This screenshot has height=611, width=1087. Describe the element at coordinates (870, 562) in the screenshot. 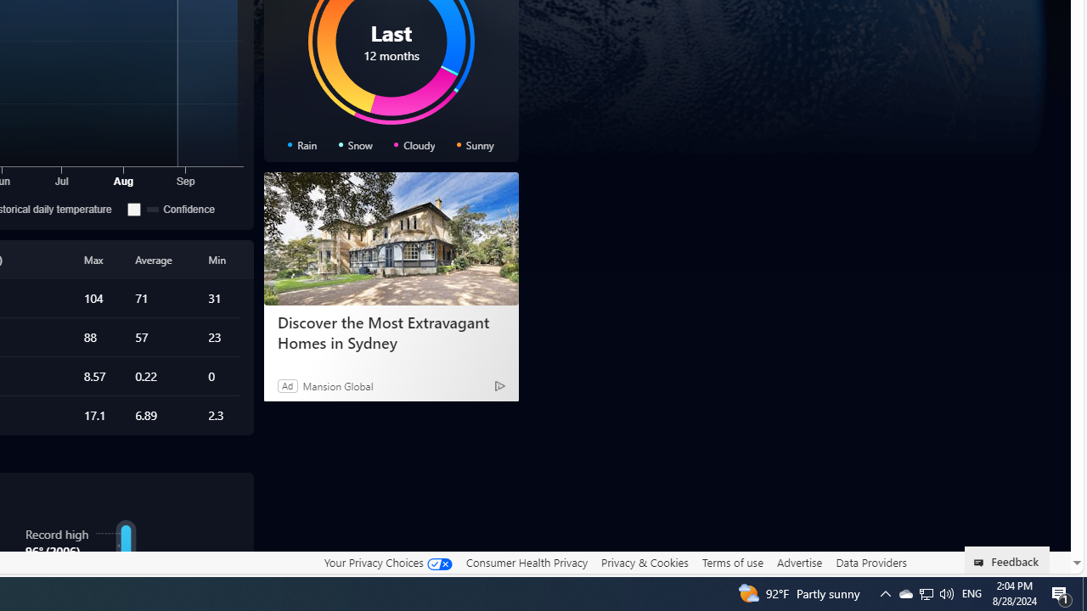

I see `'Data Providers'` at that location.